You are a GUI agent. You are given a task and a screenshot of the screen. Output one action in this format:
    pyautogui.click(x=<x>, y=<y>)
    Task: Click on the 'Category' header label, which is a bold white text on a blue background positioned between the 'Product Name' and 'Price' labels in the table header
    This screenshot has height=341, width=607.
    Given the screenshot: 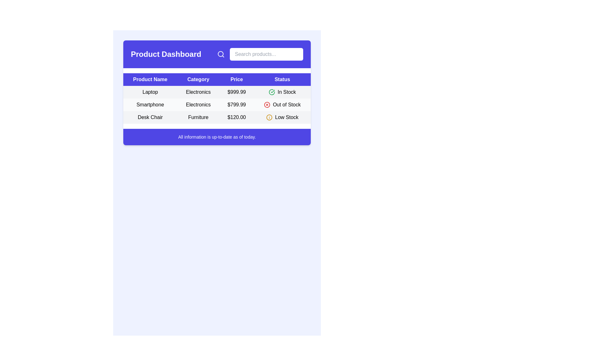 What is the action you would take?
    pyautogui.click(x=198, y=79)
    